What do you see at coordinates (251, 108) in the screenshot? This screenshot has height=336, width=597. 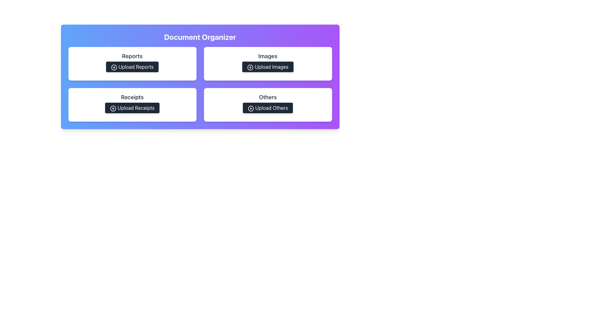 I see `the circular icon with a plus sign, located to the left of the 'Upload Others' button in the bottom-right section of the grid layout` at bounding box center [251, 108].